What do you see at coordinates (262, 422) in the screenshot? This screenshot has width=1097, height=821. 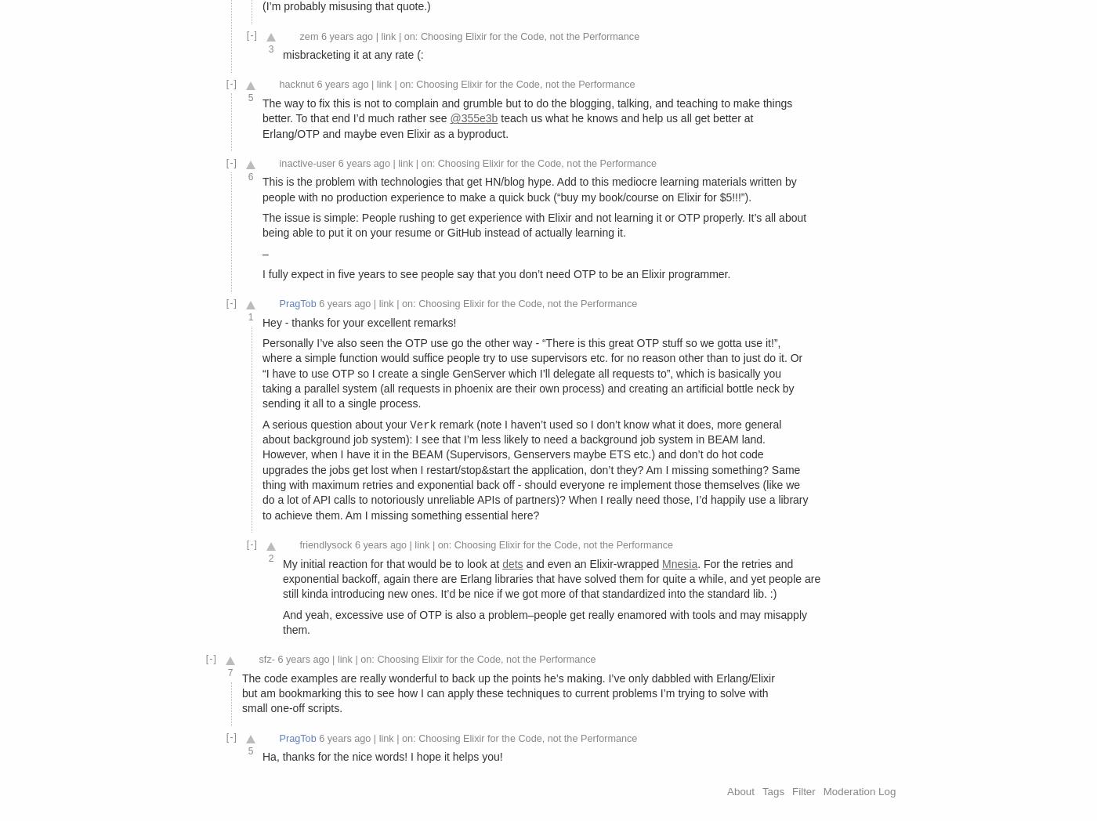 I see `'A serious question about your'` at bounding box center [262, 422].